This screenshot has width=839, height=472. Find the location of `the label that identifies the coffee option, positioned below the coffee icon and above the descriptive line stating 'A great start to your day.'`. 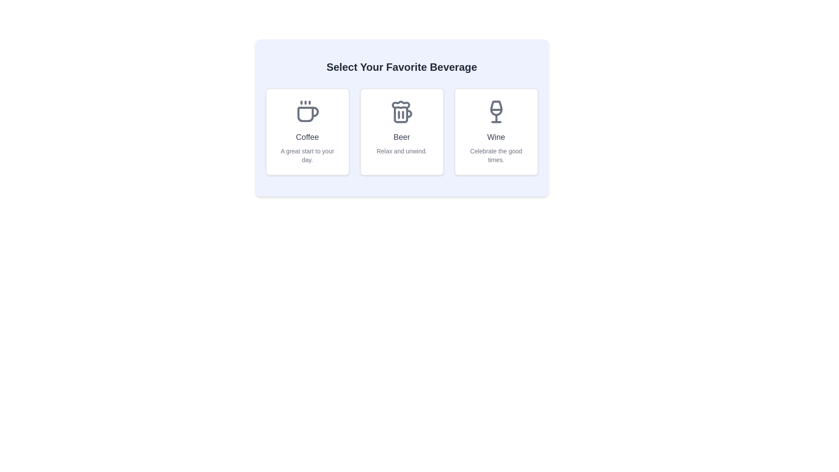

the label that identifies the coffee option, positioned below the coffee icon and above the descriptive line stating 'A great start to your day.' is located at coordinates (307, 137).